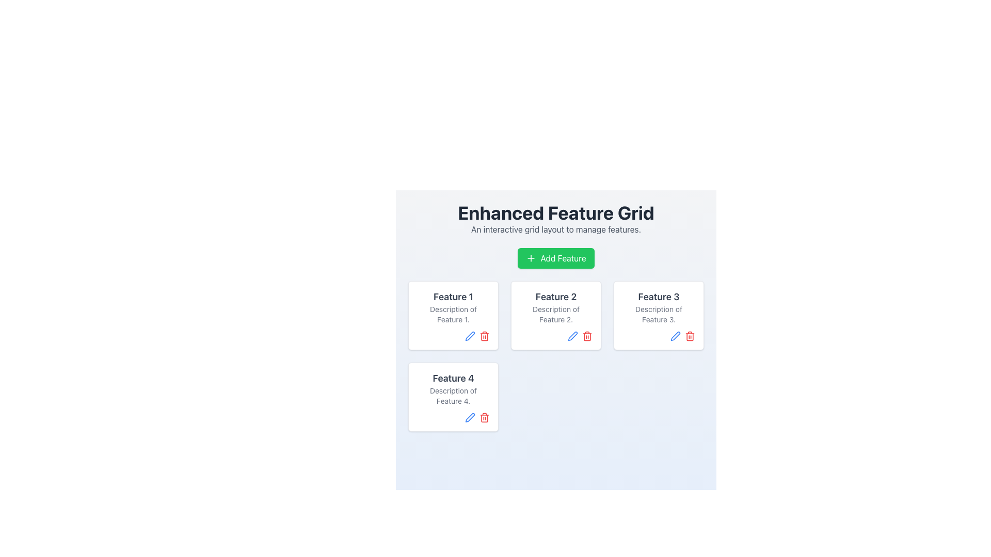  I want to click on the pen-shaped icon with a black outline located at the top-right corner of the second feature card labeled 'Feature 2', so click(572, 336).